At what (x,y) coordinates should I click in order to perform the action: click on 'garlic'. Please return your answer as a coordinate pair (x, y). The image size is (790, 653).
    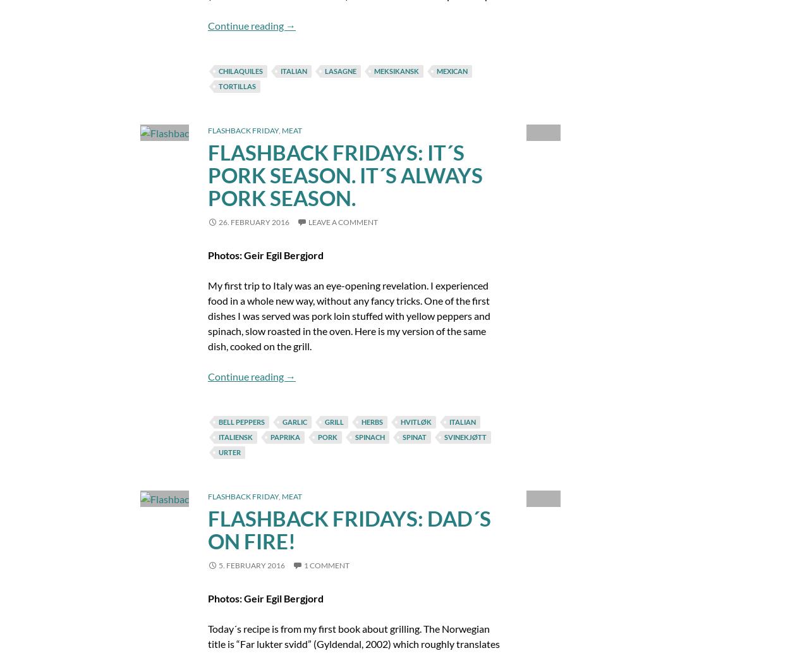
    Looking at the image, I should click on (281, 420).